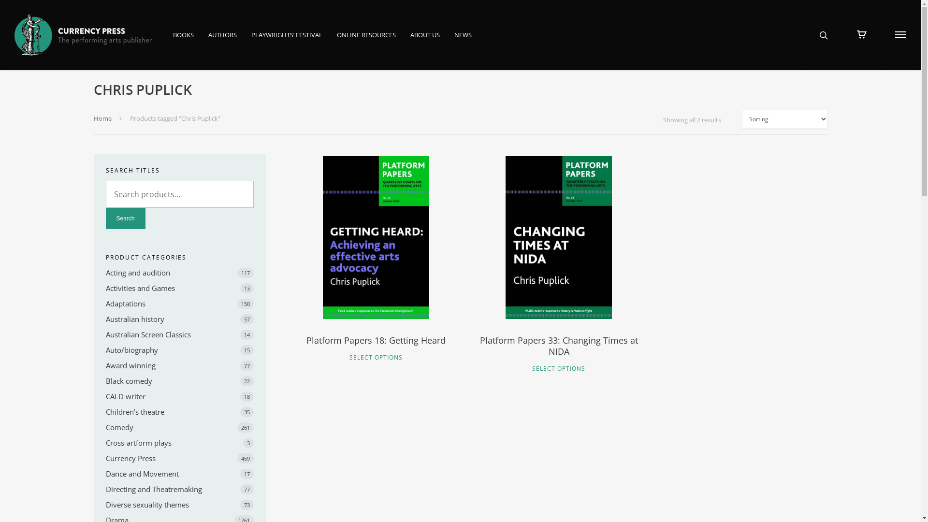 This screenshot has width=928, height=522. I want to click on 'CALD writer', so click(105, 396).